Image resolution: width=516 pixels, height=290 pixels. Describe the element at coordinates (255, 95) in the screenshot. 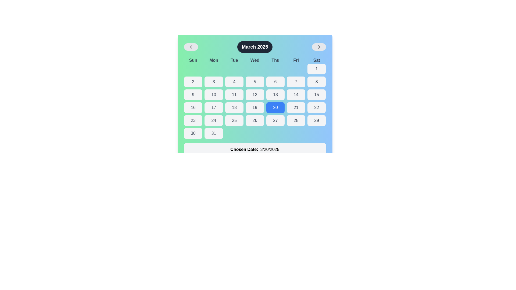

I see `the rectangular button labeled '12' in the calendar interface` at that location.